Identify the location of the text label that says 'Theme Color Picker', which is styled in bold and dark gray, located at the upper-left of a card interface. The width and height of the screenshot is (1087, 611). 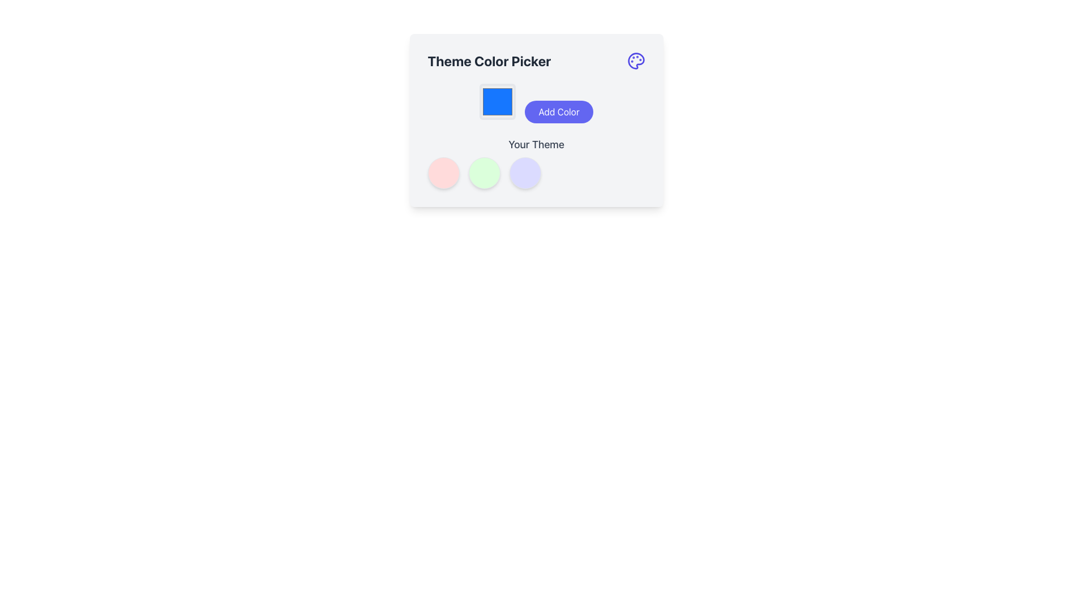
(489, 61).